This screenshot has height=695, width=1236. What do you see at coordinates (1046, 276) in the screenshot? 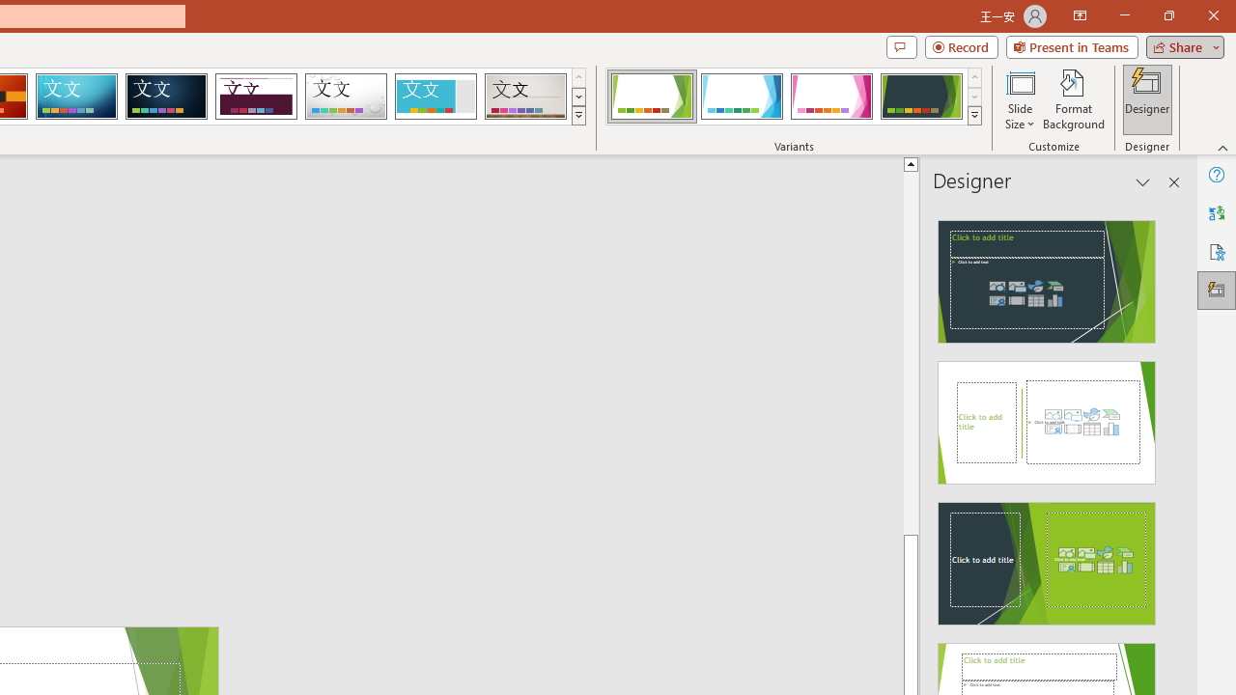
I see `'Recommended Design: Design Idea'` at bounding box center [1046, 276].